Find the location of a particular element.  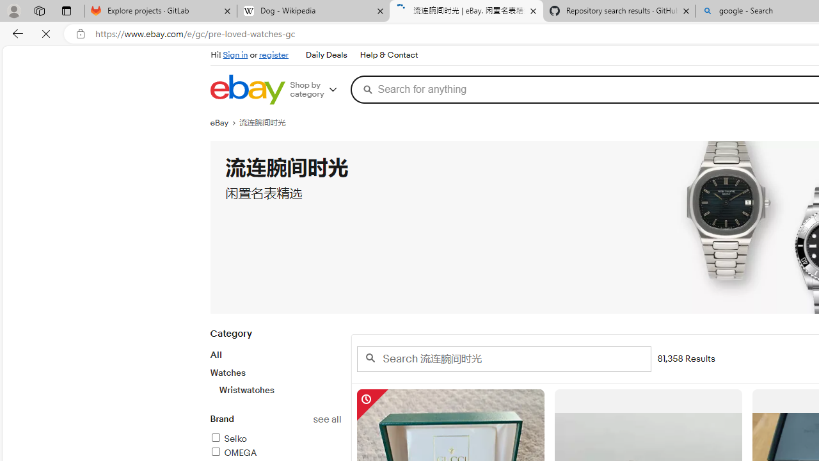

'register' is located at coordinates (273, 54).